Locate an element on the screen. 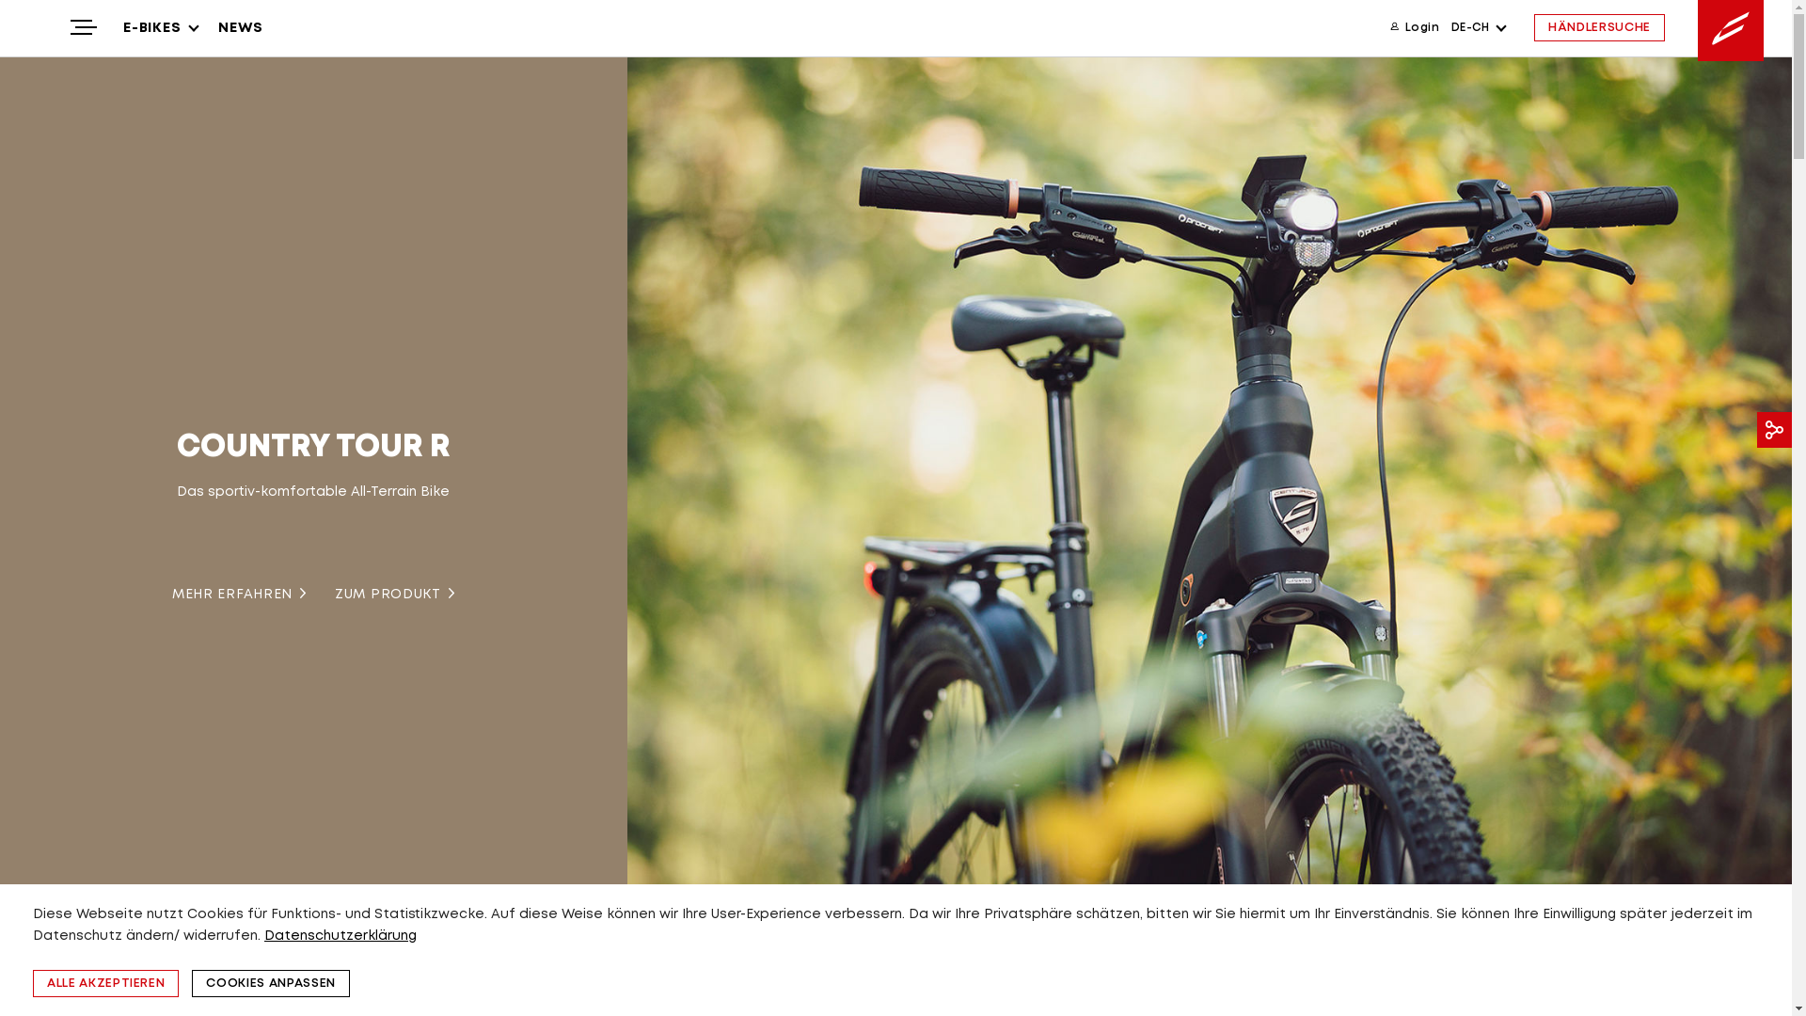 The height and width of the screenshot is (1016, 1806). 'Login' is located at coordinates (1414, 27).